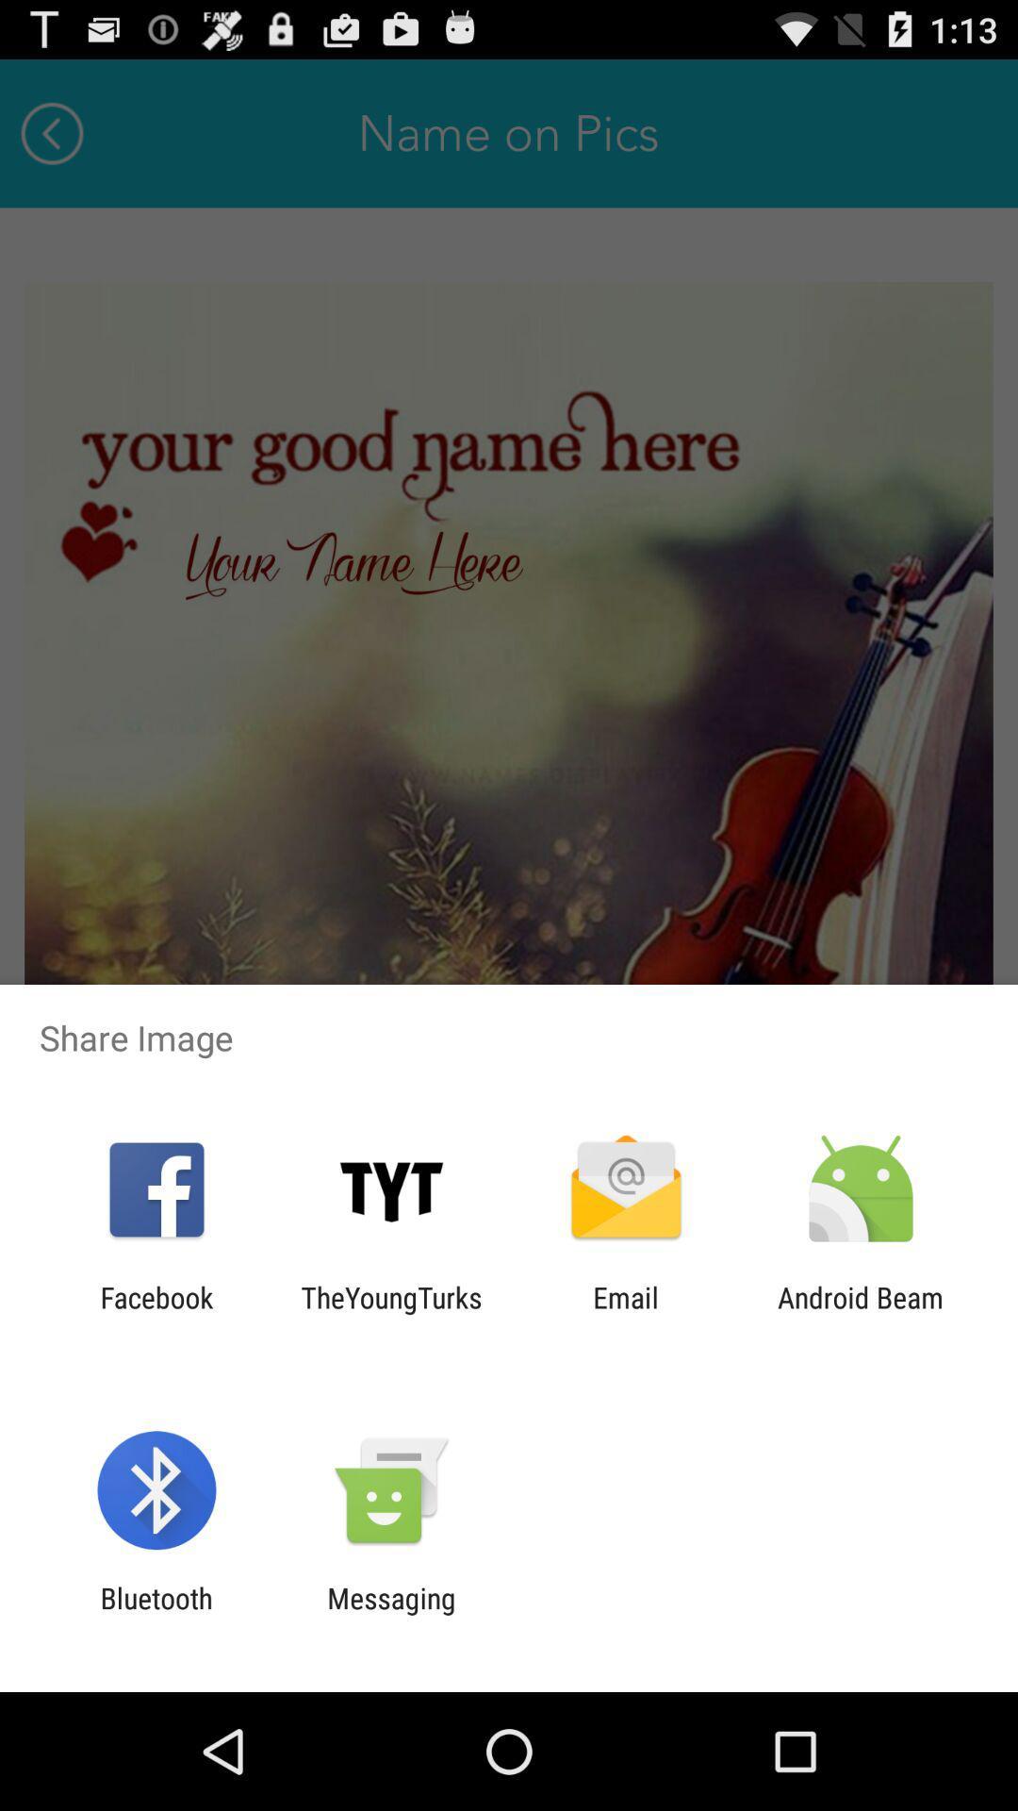  I want to click on the email item, so click(626, 1313).